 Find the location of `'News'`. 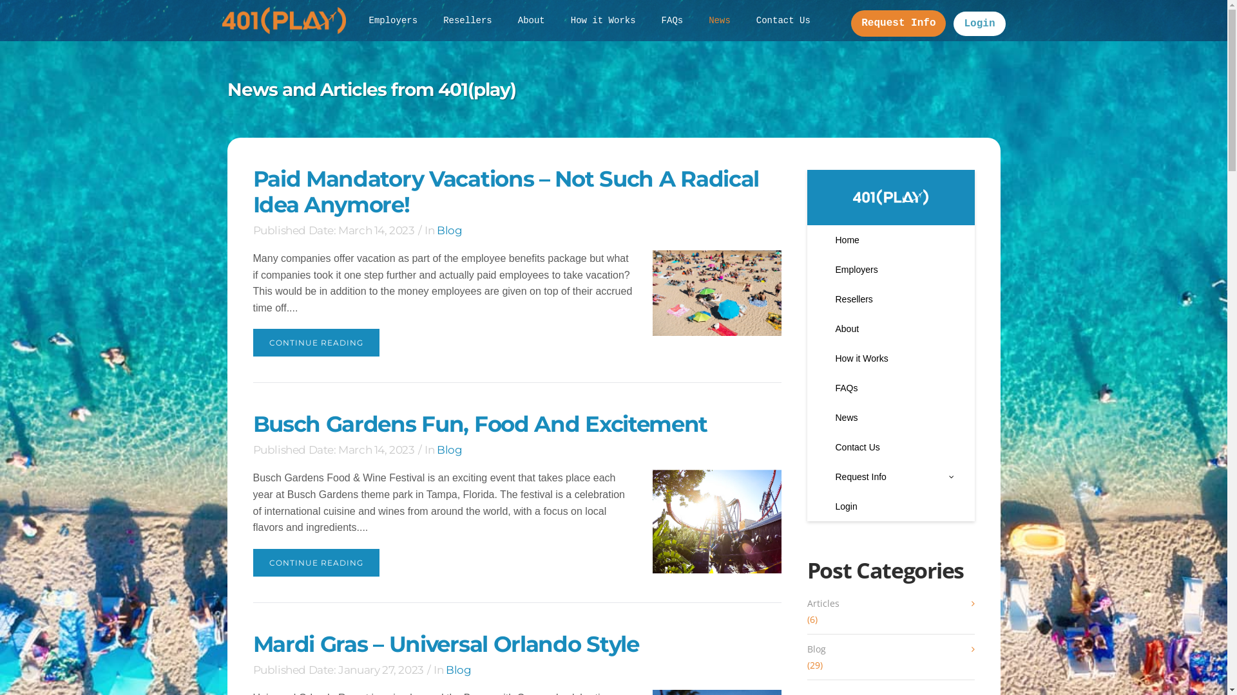

'News' is located at coordinates (719, 20).